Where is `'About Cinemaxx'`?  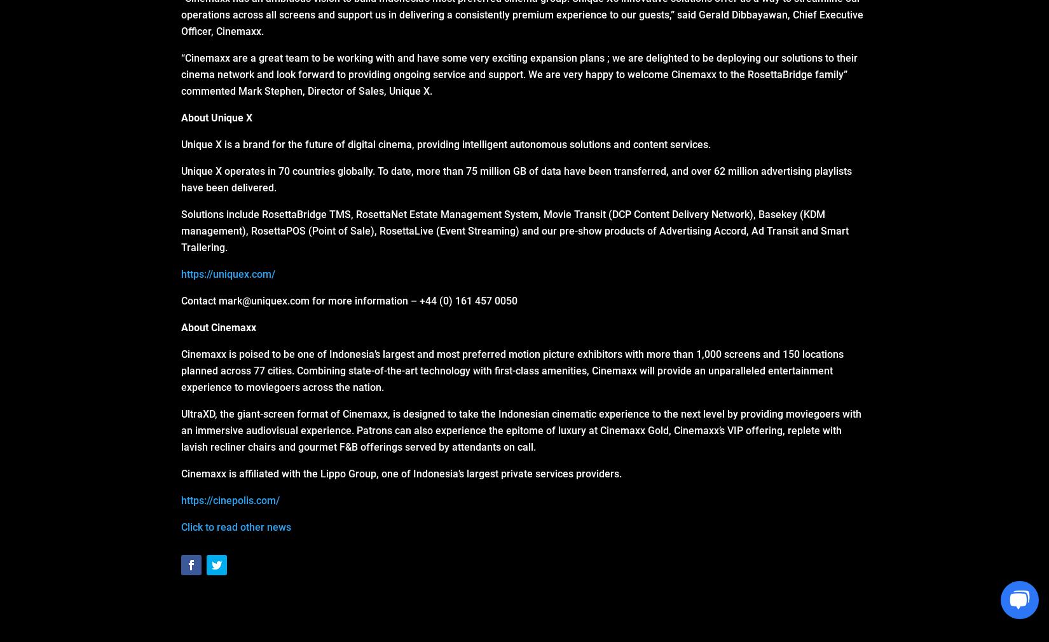
'About Cinemaxx' is located at coordinates (219, 327).